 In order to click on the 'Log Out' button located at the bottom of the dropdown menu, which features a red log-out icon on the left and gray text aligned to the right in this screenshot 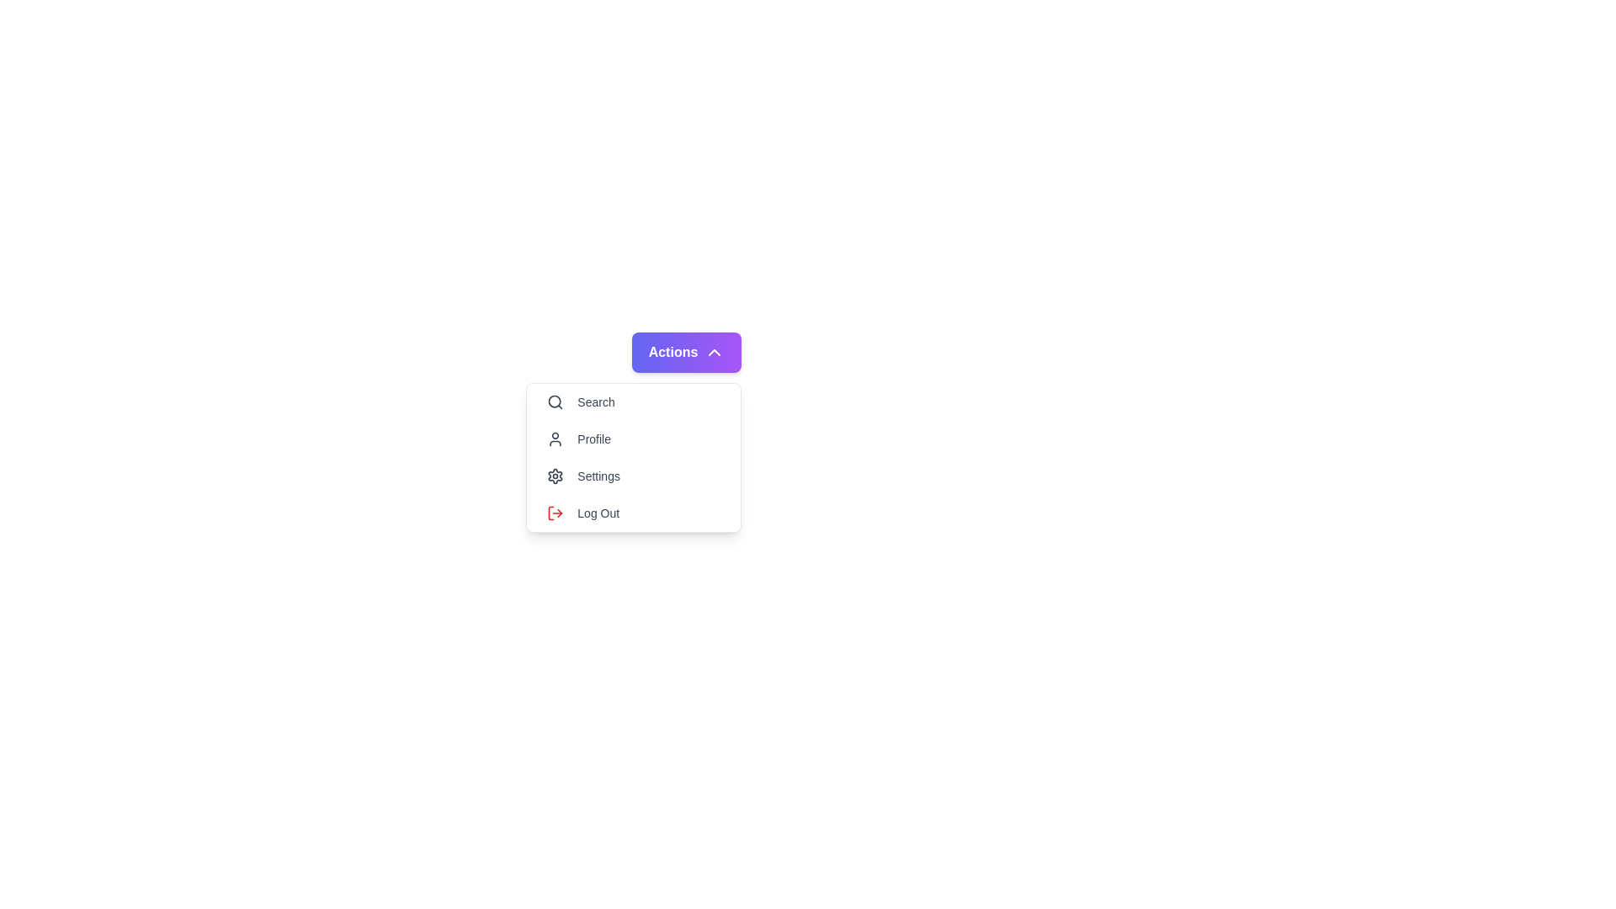, I will do `click(633, 512)`.